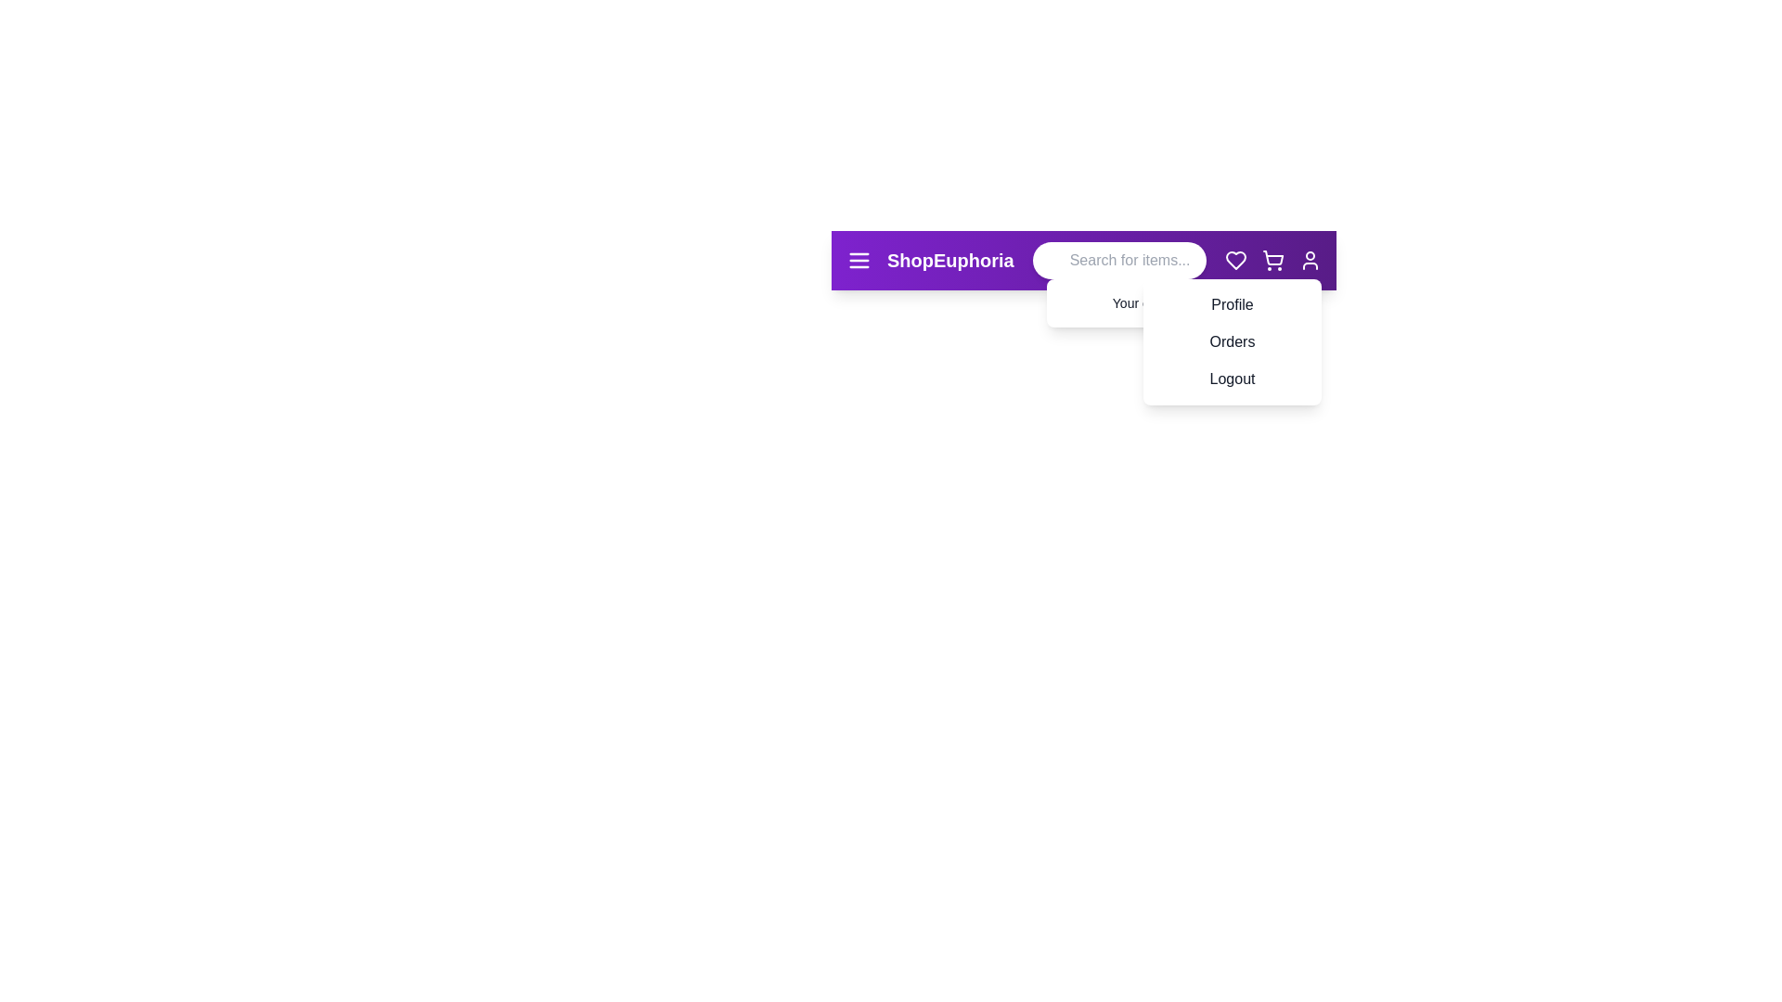  What do you see at coordinates (1184, 331) in the screenshot?
I see `the Orders from the user menu` at bounding box center [1184, 331].